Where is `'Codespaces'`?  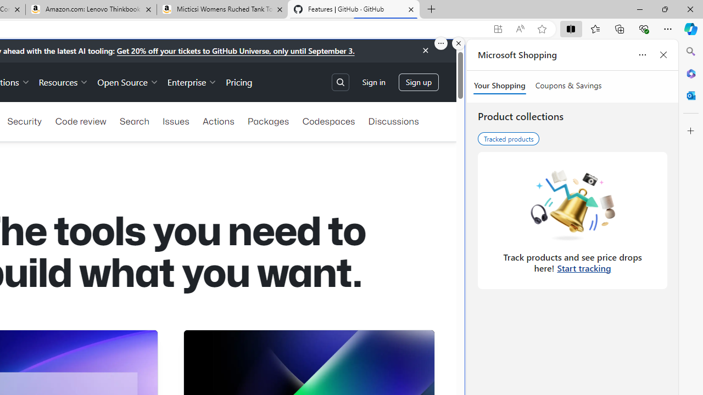
'Codespaces' is located at coordinates (328, 121).